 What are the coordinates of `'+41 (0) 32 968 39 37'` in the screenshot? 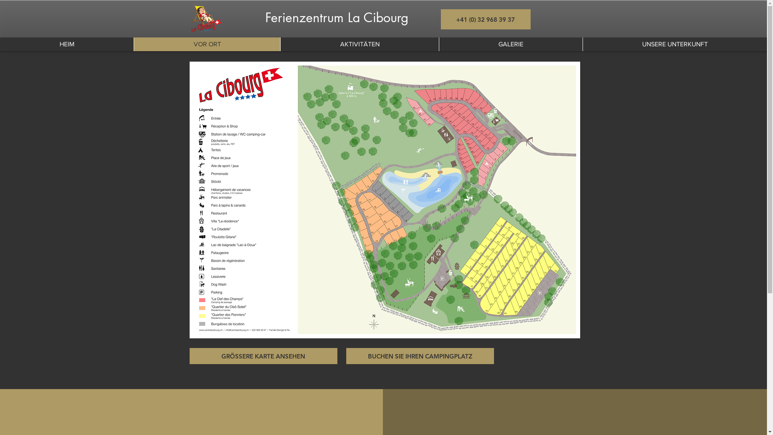 It's located at (485, 19).